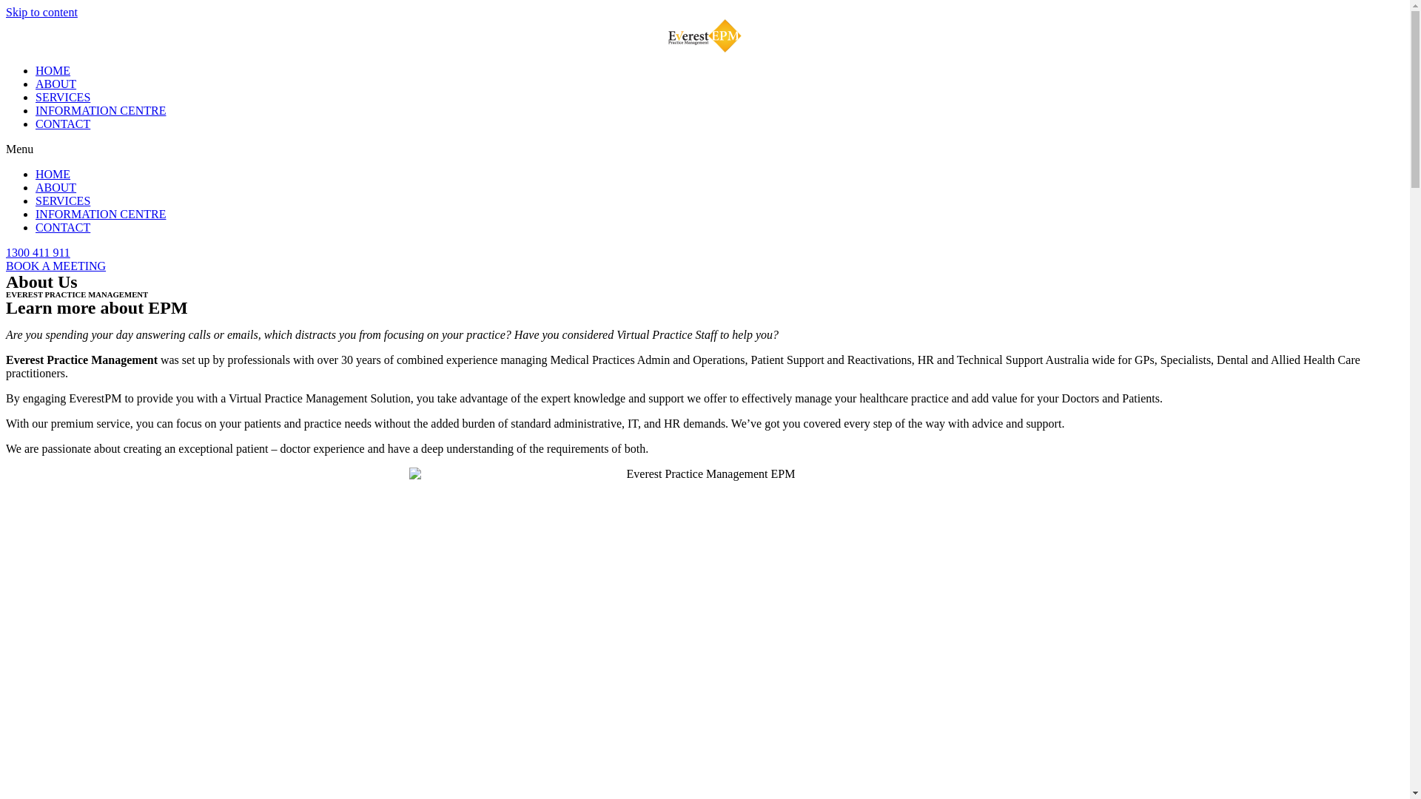  Describe the element at coordinates (6, 252) in the screenshot. I see `'1300 411 911'` at that location.